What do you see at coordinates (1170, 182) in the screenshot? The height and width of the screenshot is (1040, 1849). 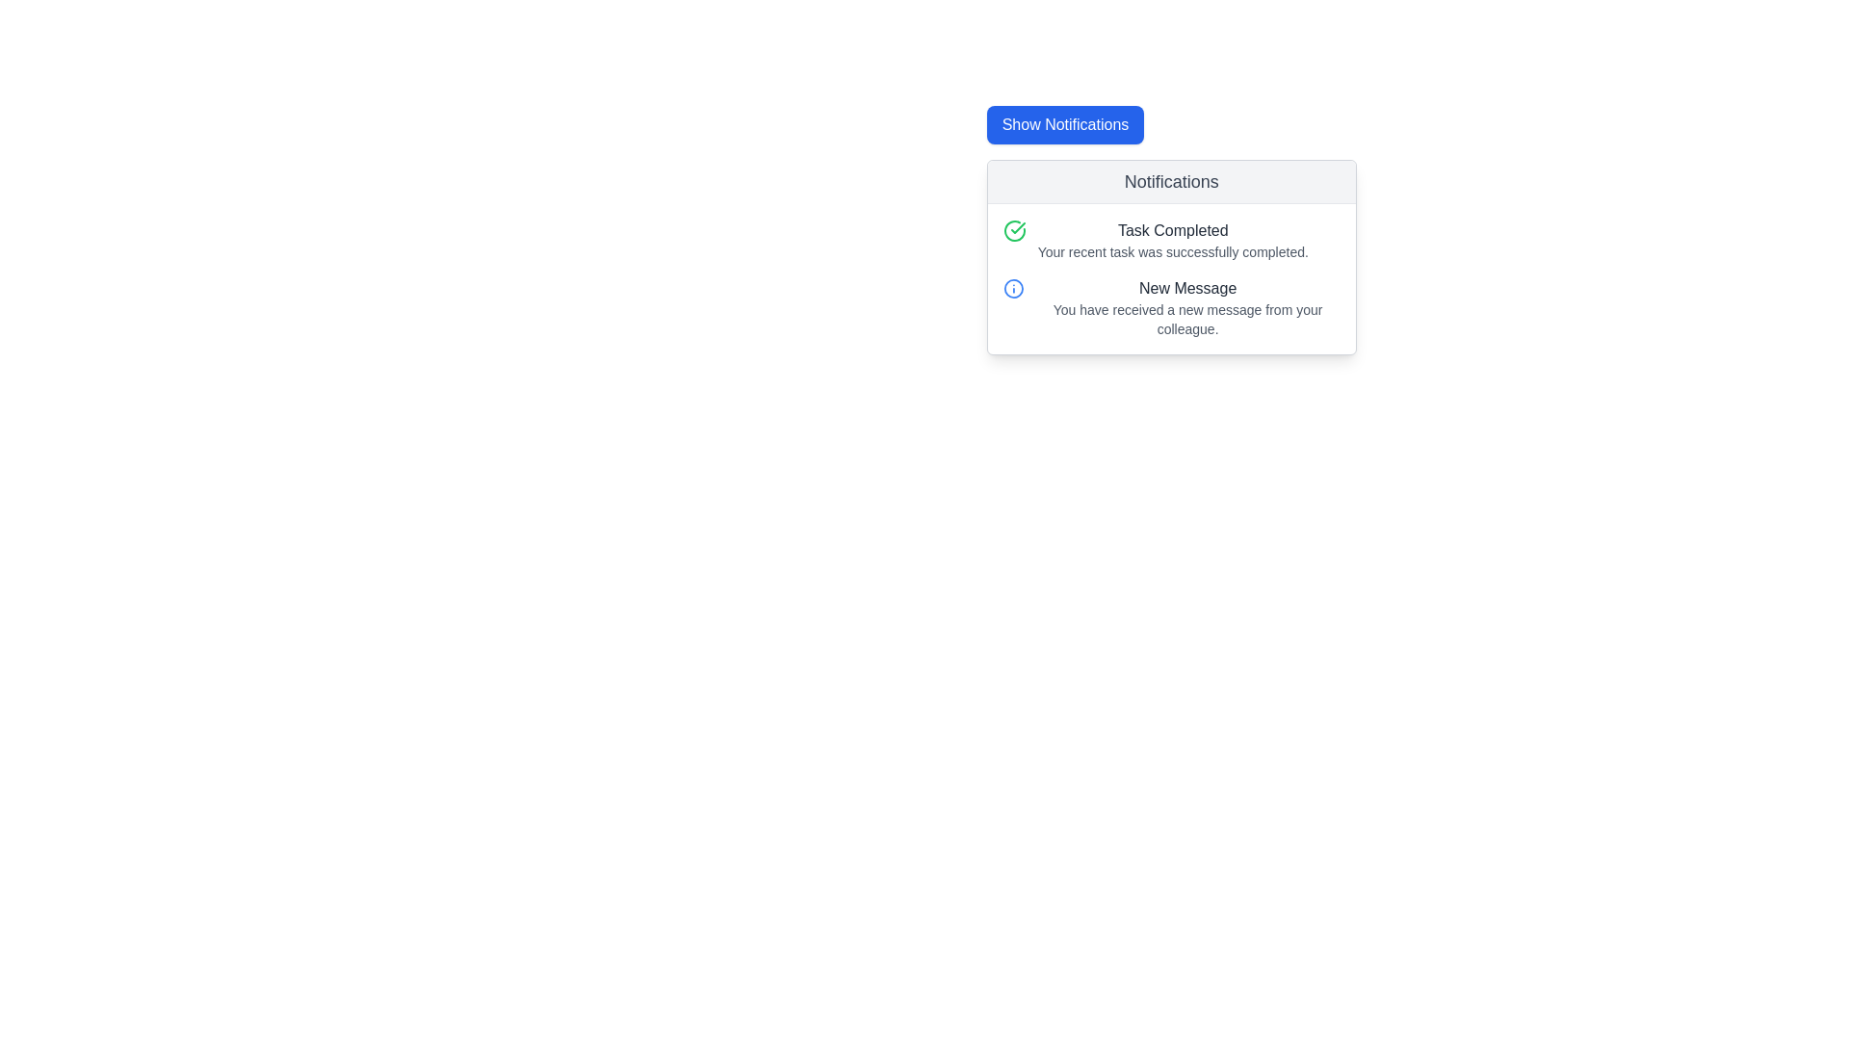 I see `the title text of the notifications card section, which is located at the top center of the card layout, just below the 'Show Notifications' button` at bounding box center [1170, 182].